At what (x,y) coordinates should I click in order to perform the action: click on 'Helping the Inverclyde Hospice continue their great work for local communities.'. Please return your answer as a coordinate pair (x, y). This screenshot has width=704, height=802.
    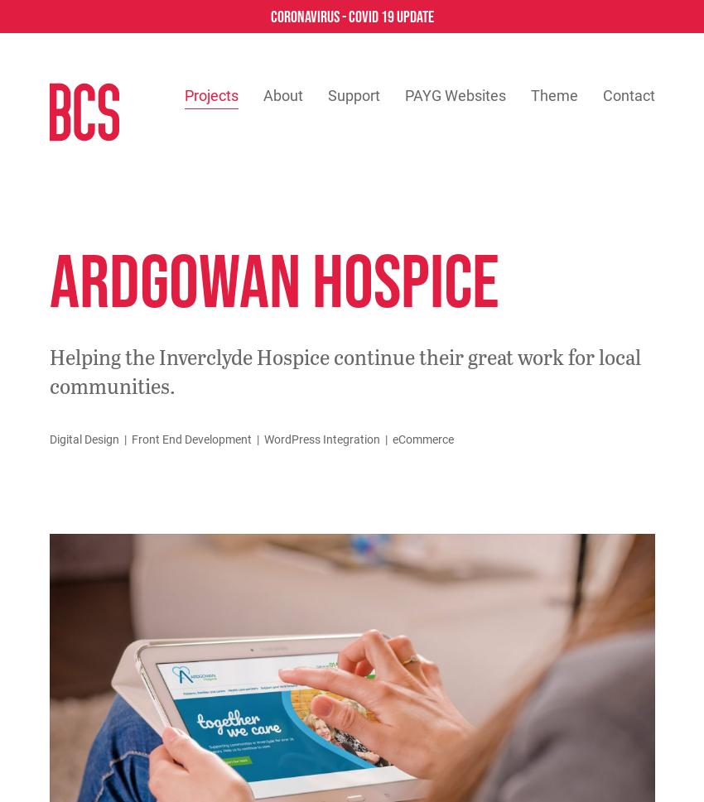
    Looking at the image, I should click on (344, 371).